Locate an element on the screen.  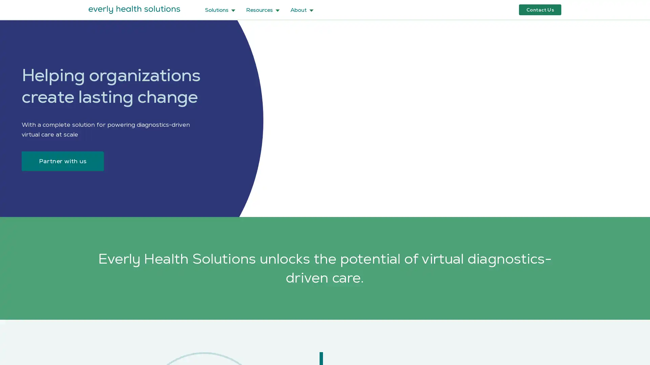
About Caret icon for dropdown menu is located at coordinates (302, 9).